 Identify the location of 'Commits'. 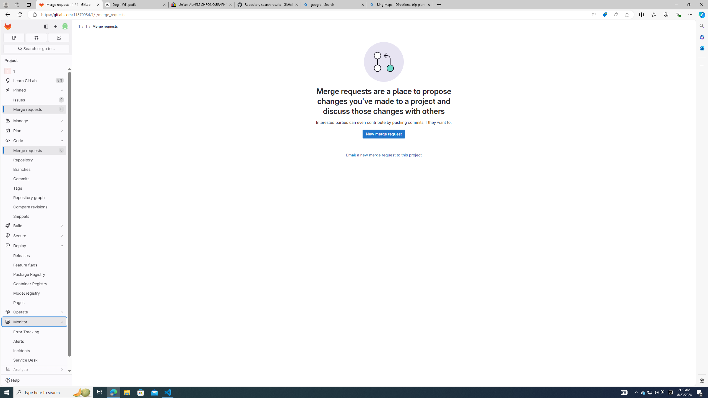
(34, 179).